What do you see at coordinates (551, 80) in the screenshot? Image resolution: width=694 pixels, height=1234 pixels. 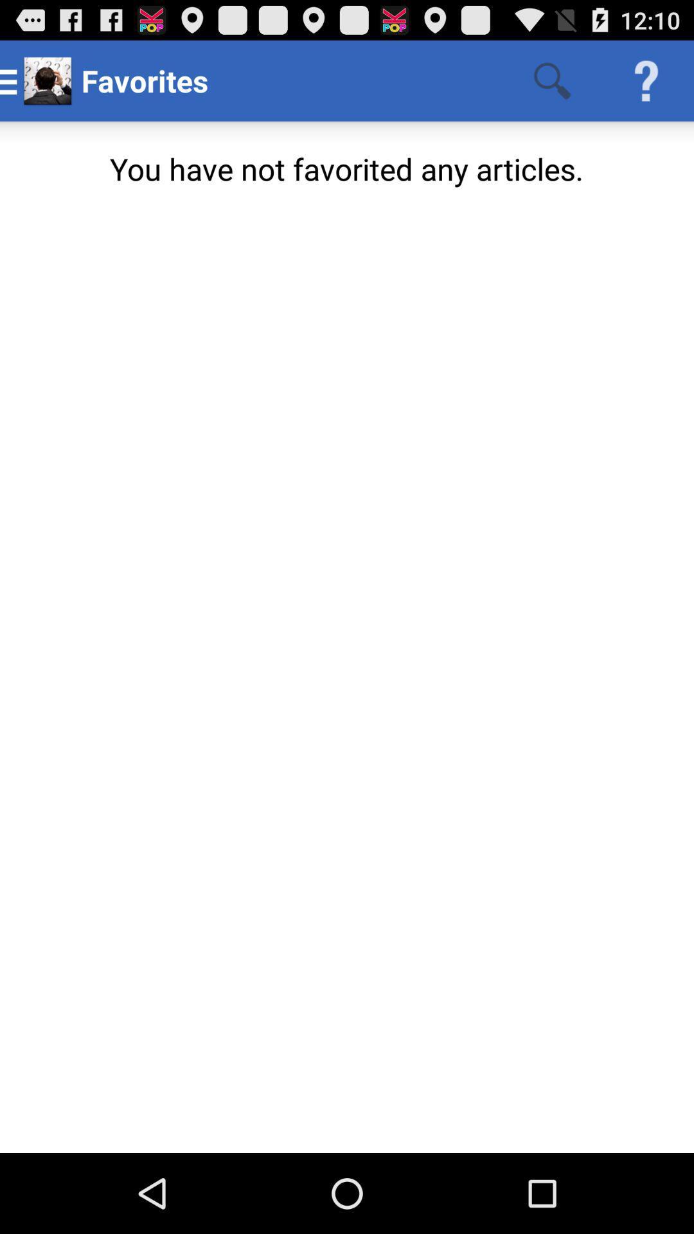 I see `the app to the right of favorites icon` at bounding box center [551, 80].